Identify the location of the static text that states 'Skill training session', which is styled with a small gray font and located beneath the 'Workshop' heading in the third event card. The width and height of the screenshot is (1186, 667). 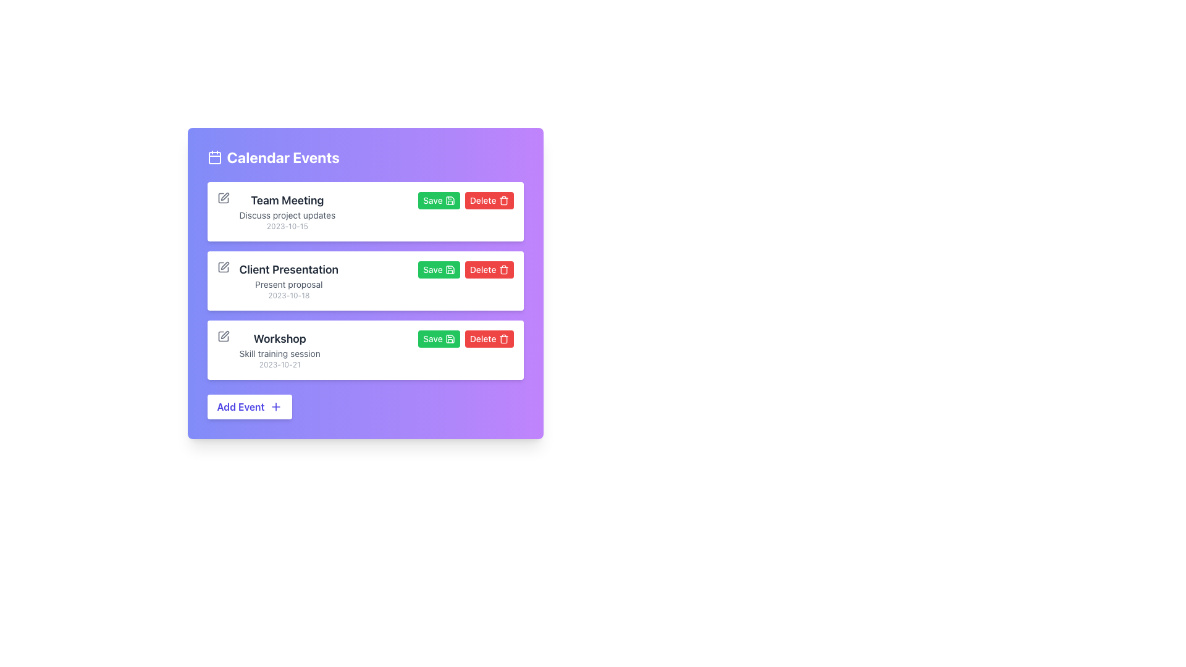
(279, 354).